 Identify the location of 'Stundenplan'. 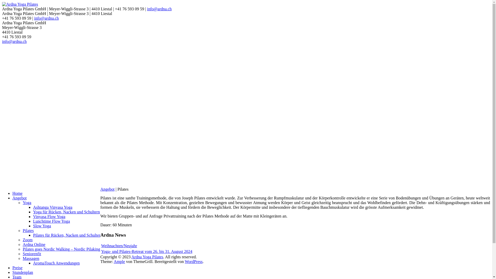
(12, 272).